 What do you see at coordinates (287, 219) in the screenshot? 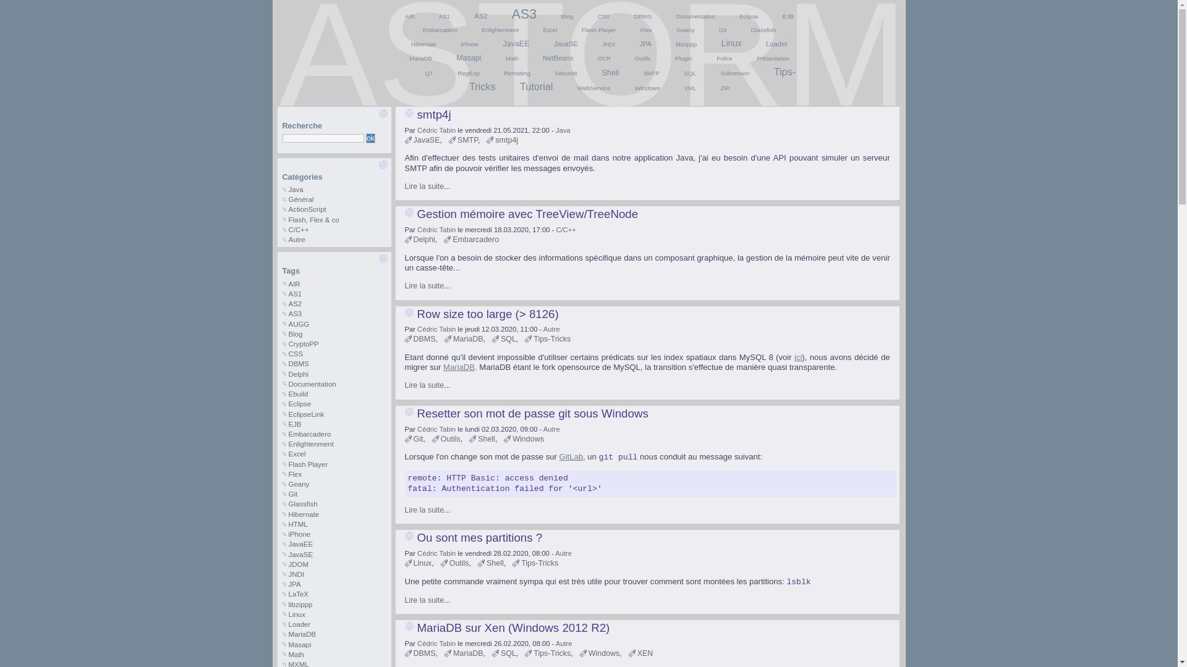
I see `'Flash, Flex & co'` at bounding box center [287, 219].